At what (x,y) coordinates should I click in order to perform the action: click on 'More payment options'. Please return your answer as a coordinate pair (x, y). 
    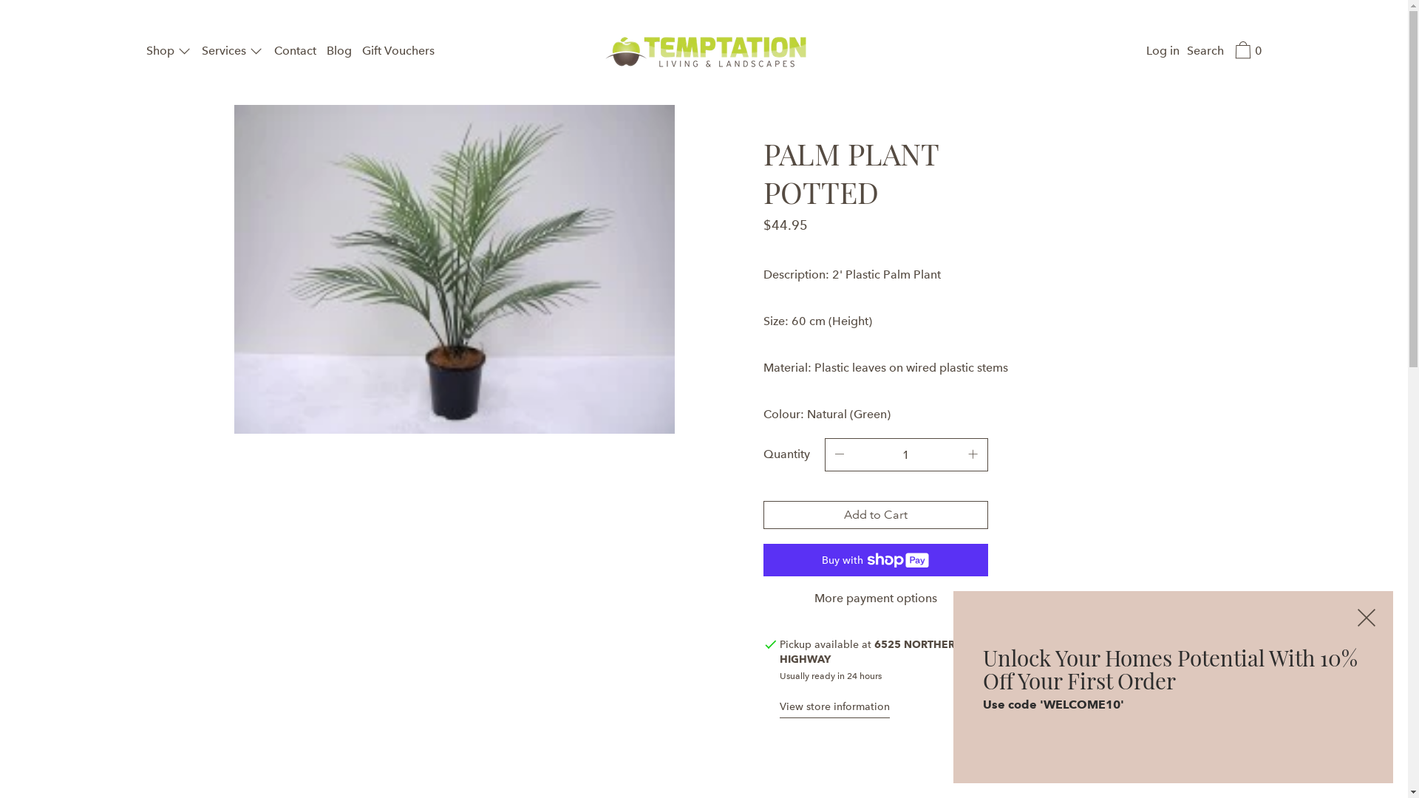
    Looking at the image, I should click on (875, 598).